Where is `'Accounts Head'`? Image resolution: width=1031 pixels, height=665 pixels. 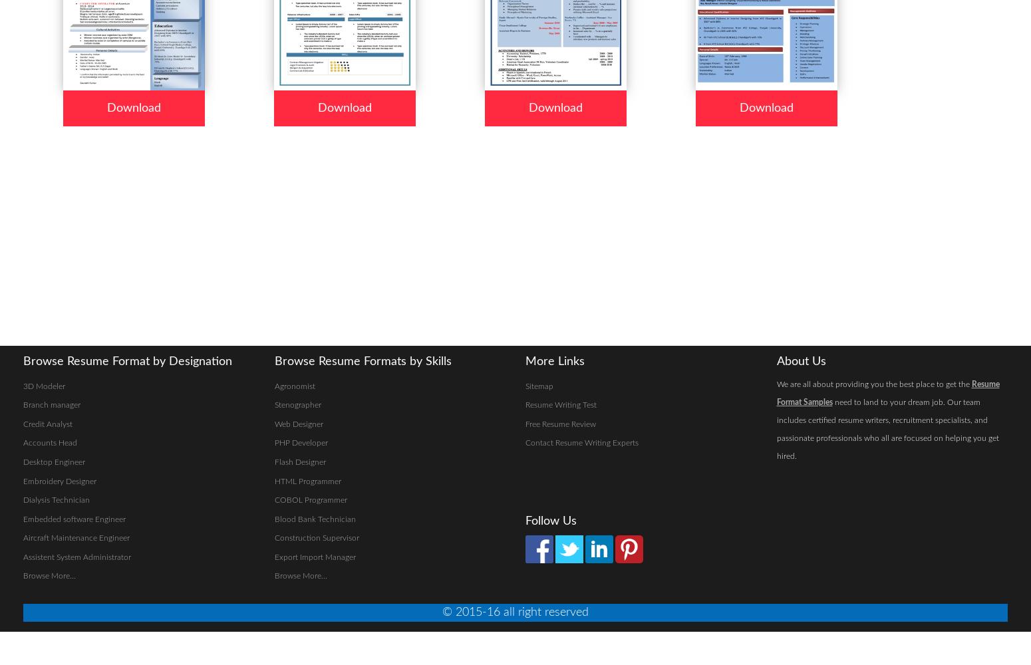
'Accounts Head' is located at coordinates (23, 443).